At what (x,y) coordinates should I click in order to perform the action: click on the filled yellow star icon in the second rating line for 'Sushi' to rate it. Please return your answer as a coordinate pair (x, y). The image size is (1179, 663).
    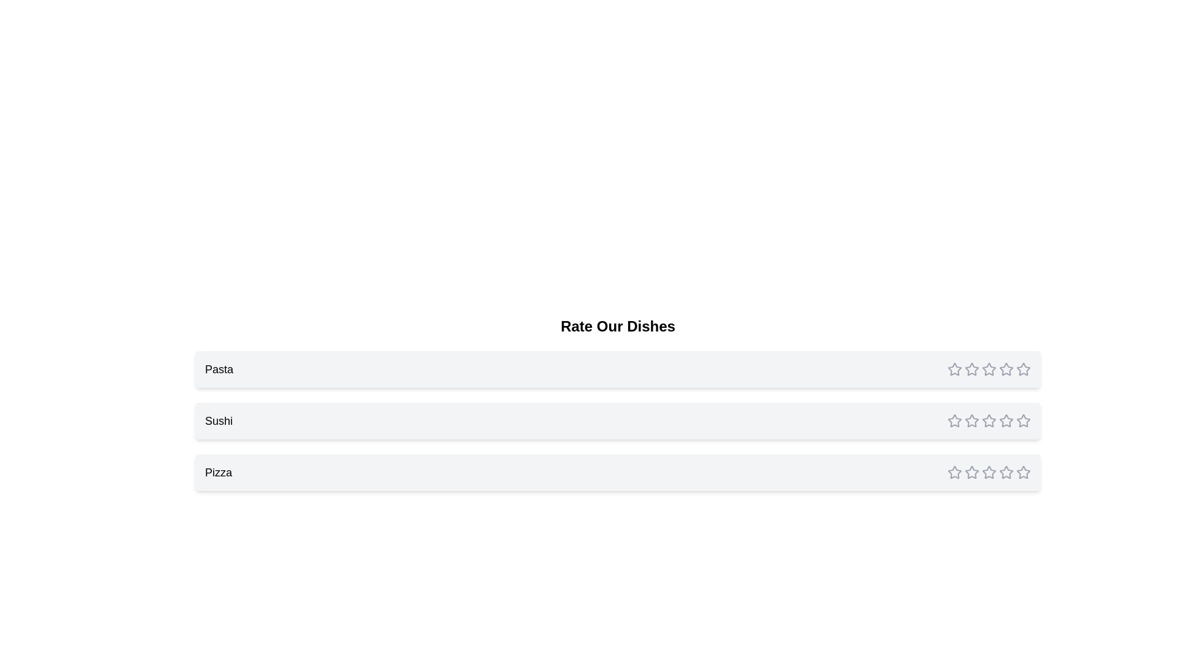
    Looking at the image, I should click on (954, 421).